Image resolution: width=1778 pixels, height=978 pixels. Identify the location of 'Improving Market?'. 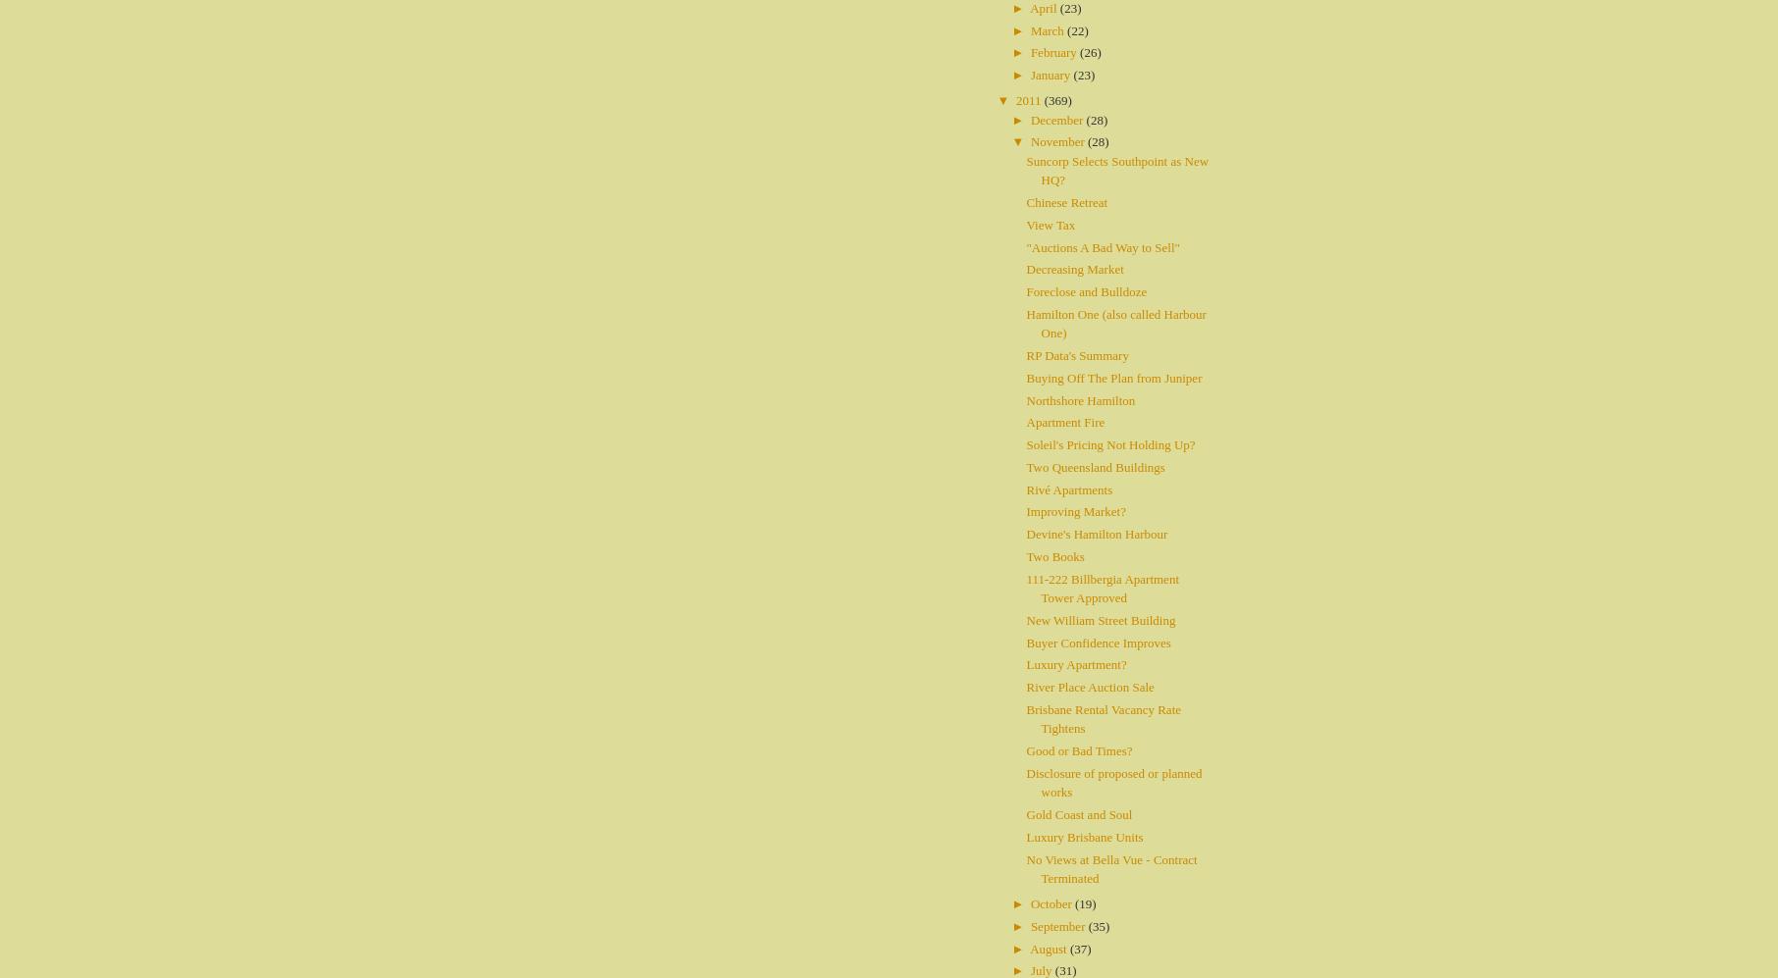
(1075, 510).